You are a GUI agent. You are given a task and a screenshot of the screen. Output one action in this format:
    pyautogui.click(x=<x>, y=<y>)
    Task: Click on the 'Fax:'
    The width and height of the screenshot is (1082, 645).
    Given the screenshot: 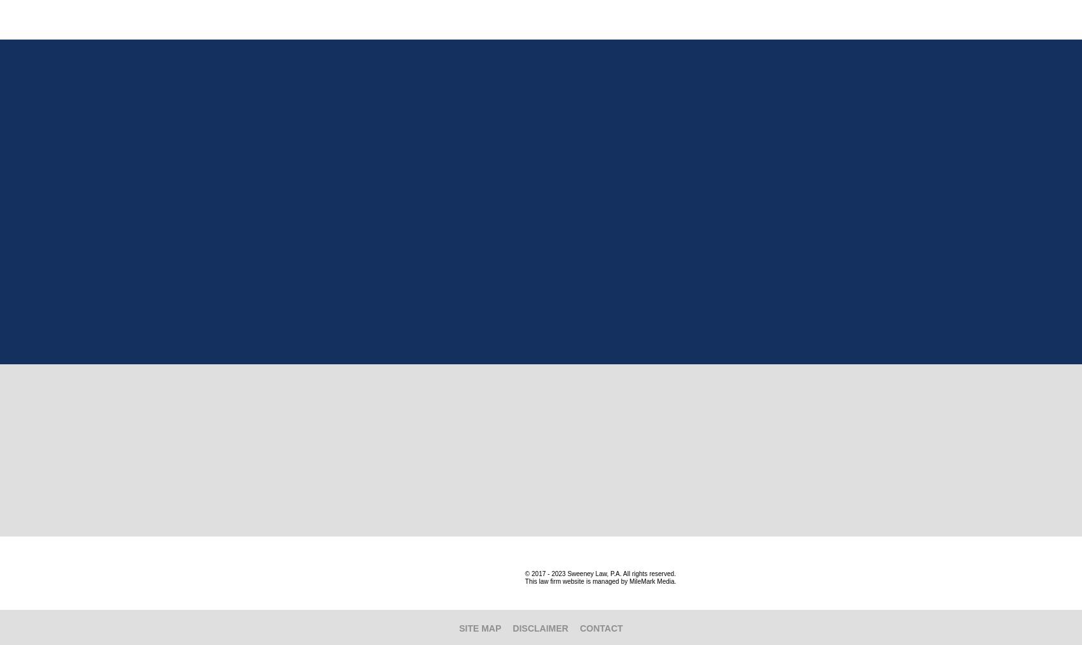 What is the action you would take?
    pyautogui.click(x=170, y=295)
    